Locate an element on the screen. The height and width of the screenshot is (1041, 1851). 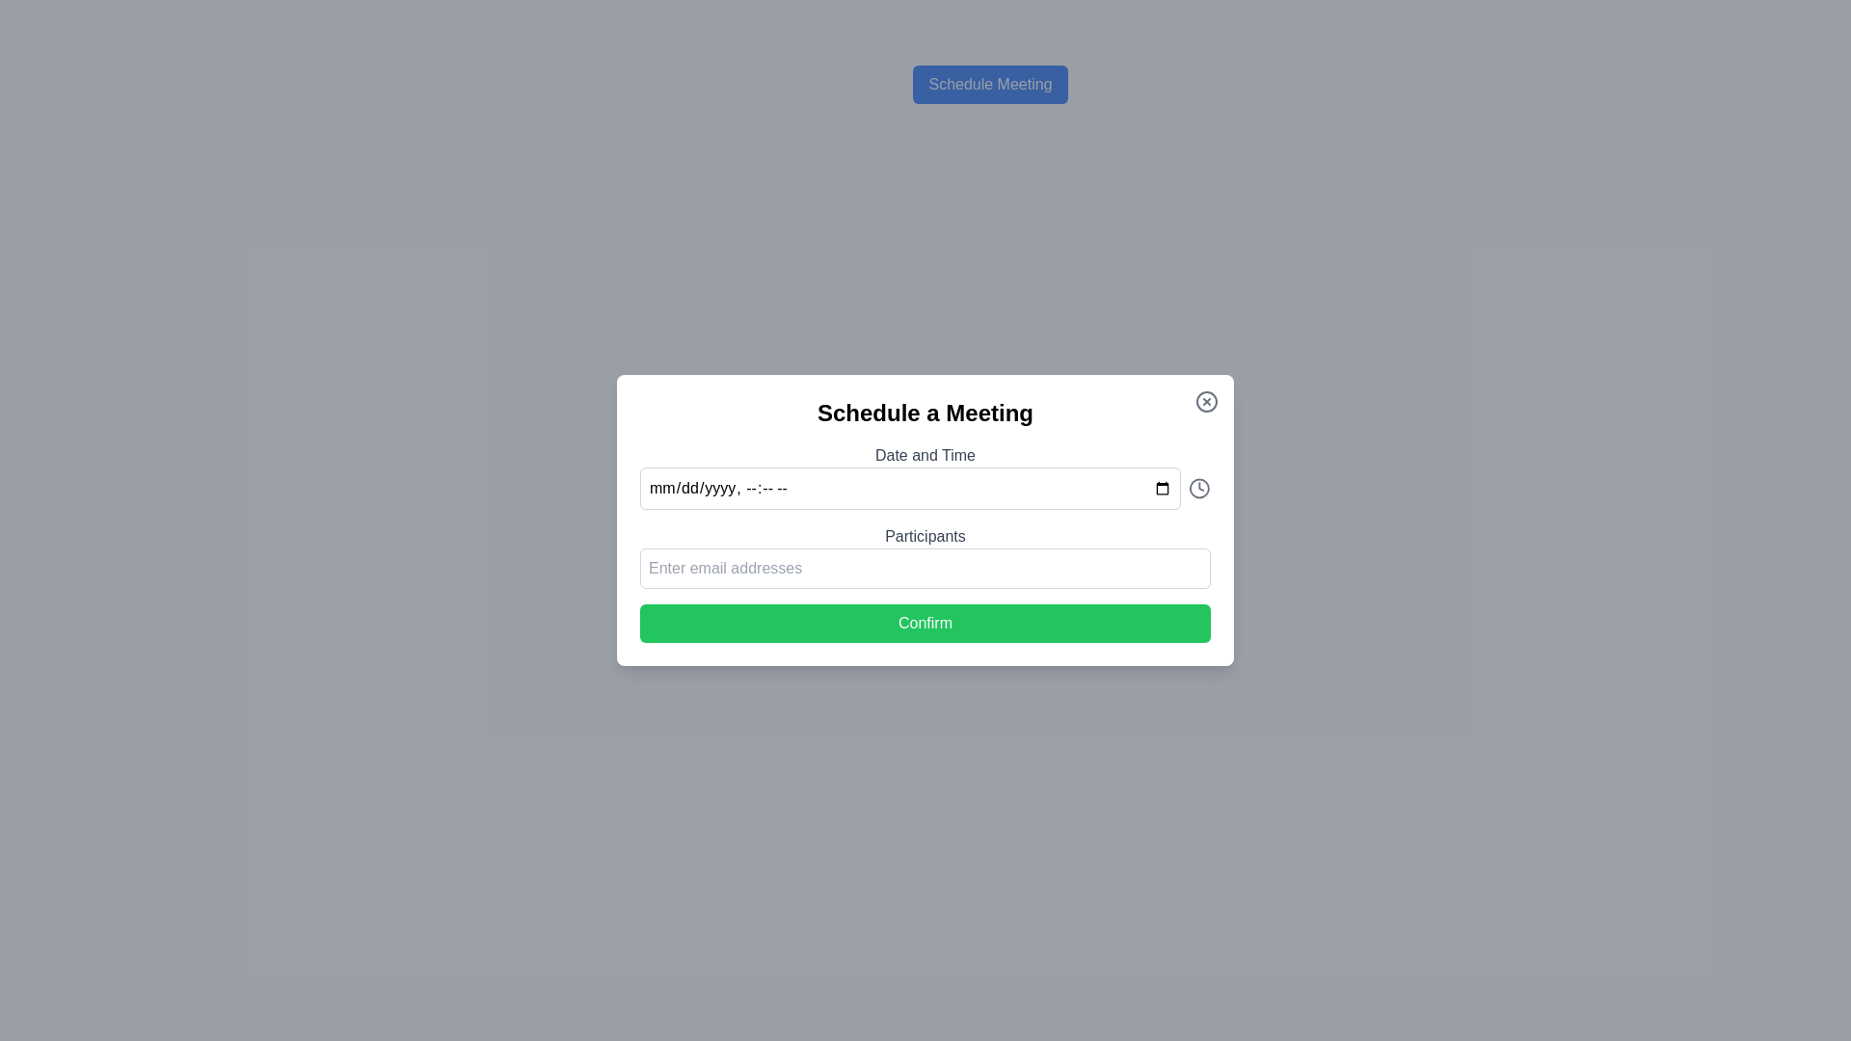
the blue rectangular button labeled 'Schedule Meeting' located near the top of the page above the main content area is located at coordinates (990, 84).